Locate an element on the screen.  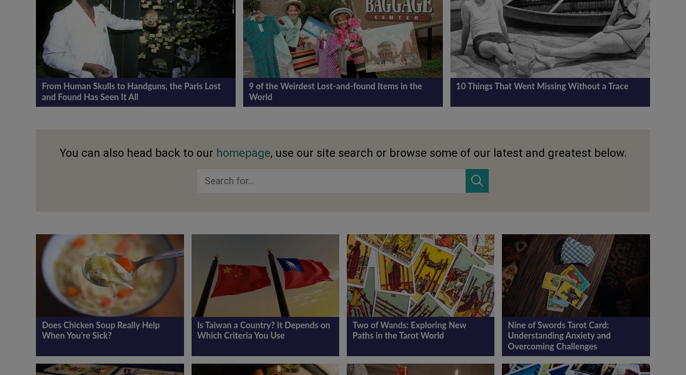
'Nine of Swords Tarot Card: Understanding Anxiety and Overcoming Challenges' is located at coordinates (558, 336).